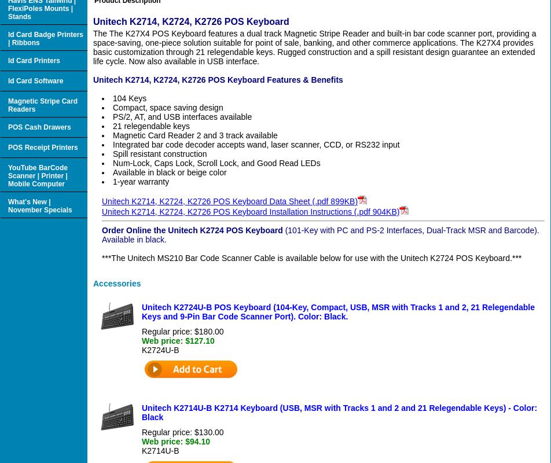 Image resolution: width=551 pixels, height=463 pixels. I want to click on 'POS Cash Drawers', so click(39, 126).